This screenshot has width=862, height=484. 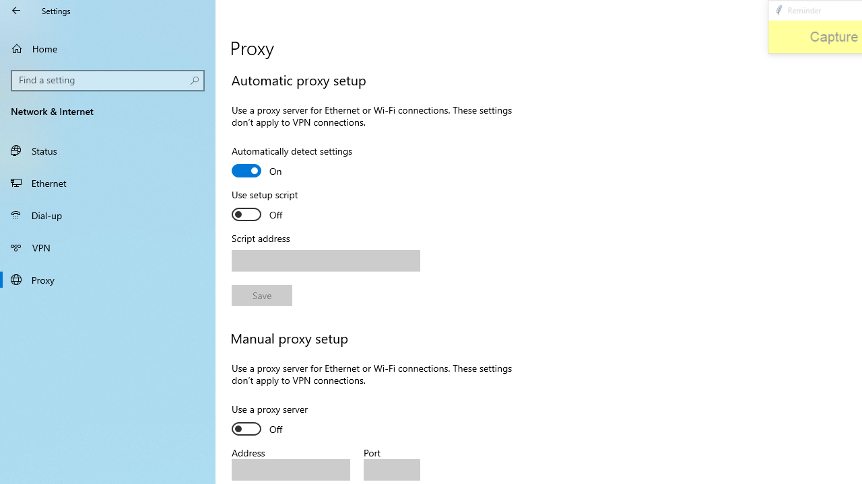 What do you see at coordinates (326, 261) in the screenshot?
I see `'Script address'` at bounding box center [326, 261].